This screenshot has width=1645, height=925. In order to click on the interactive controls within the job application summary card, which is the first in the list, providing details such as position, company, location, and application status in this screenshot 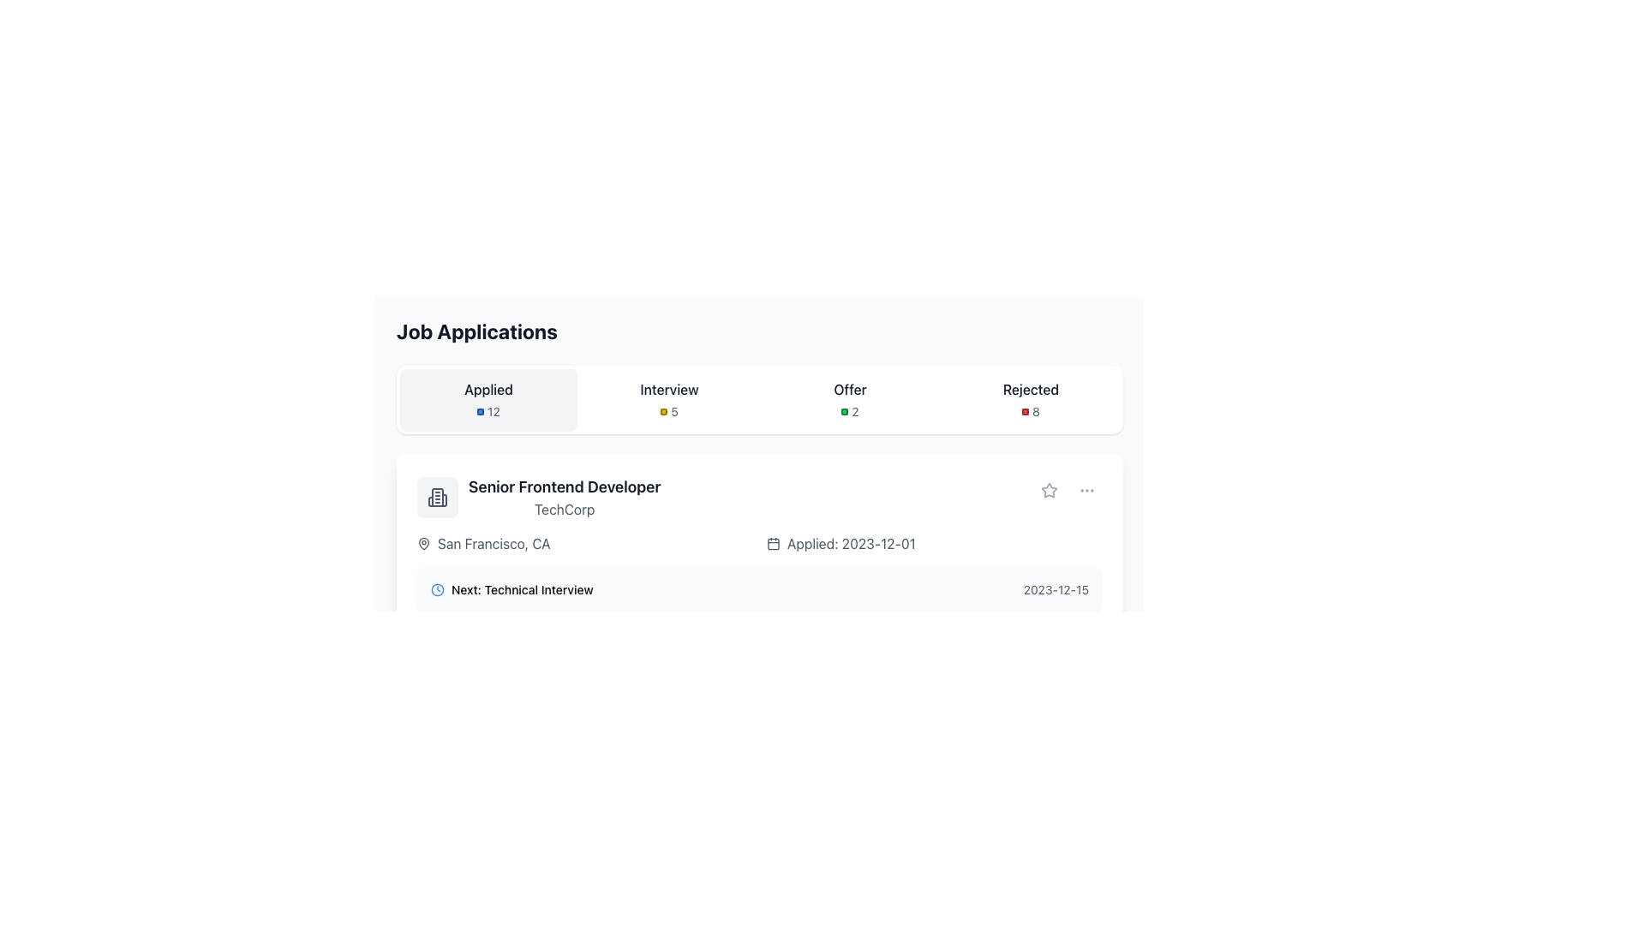, I will do `click(759, 568)`.